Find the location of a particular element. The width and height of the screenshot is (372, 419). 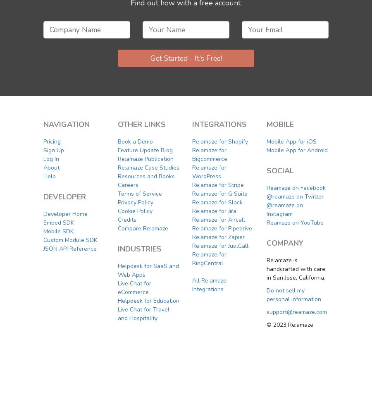

'Terms of Service' is located at coordinates (140, 193).